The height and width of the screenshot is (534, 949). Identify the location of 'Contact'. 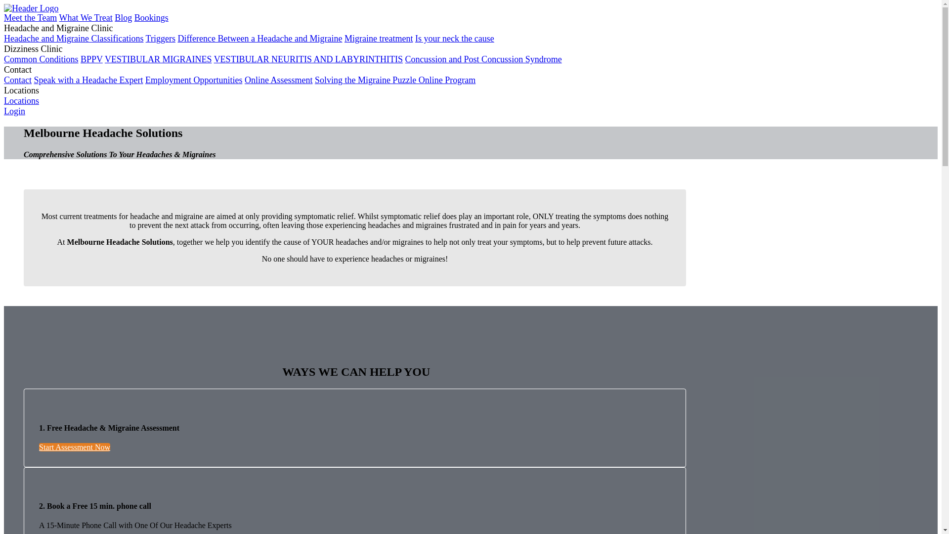
(17, 80).